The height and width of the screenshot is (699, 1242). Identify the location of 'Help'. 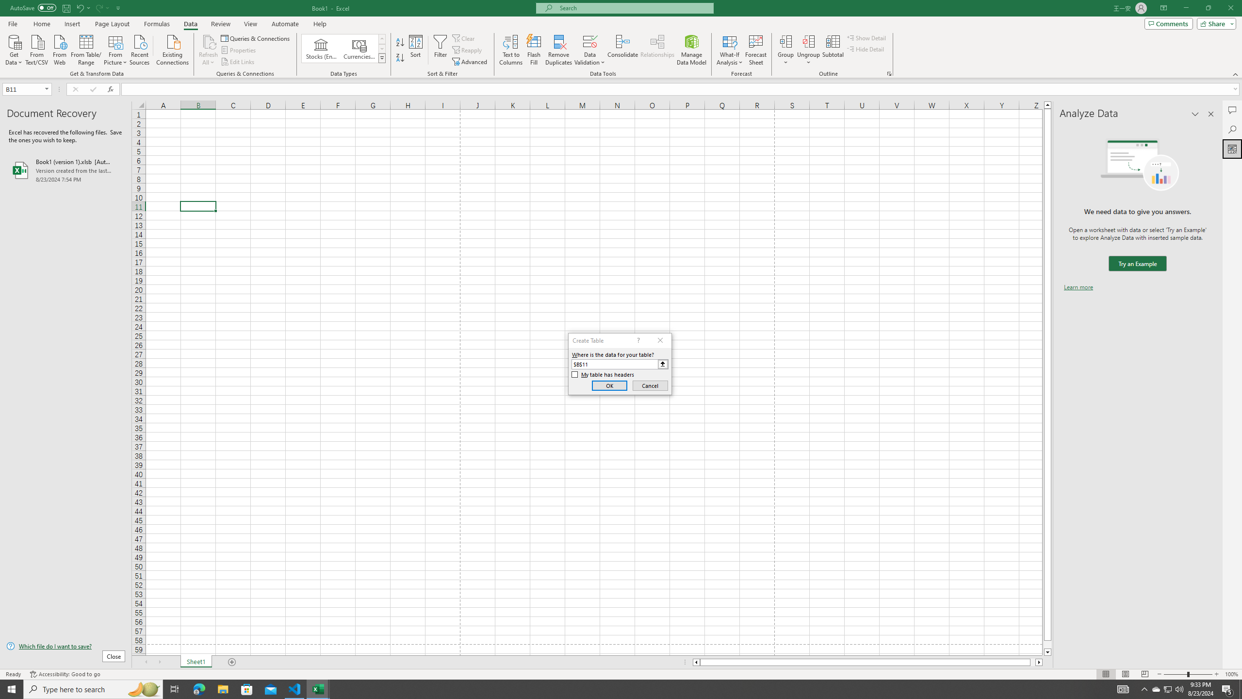
(320, 24).